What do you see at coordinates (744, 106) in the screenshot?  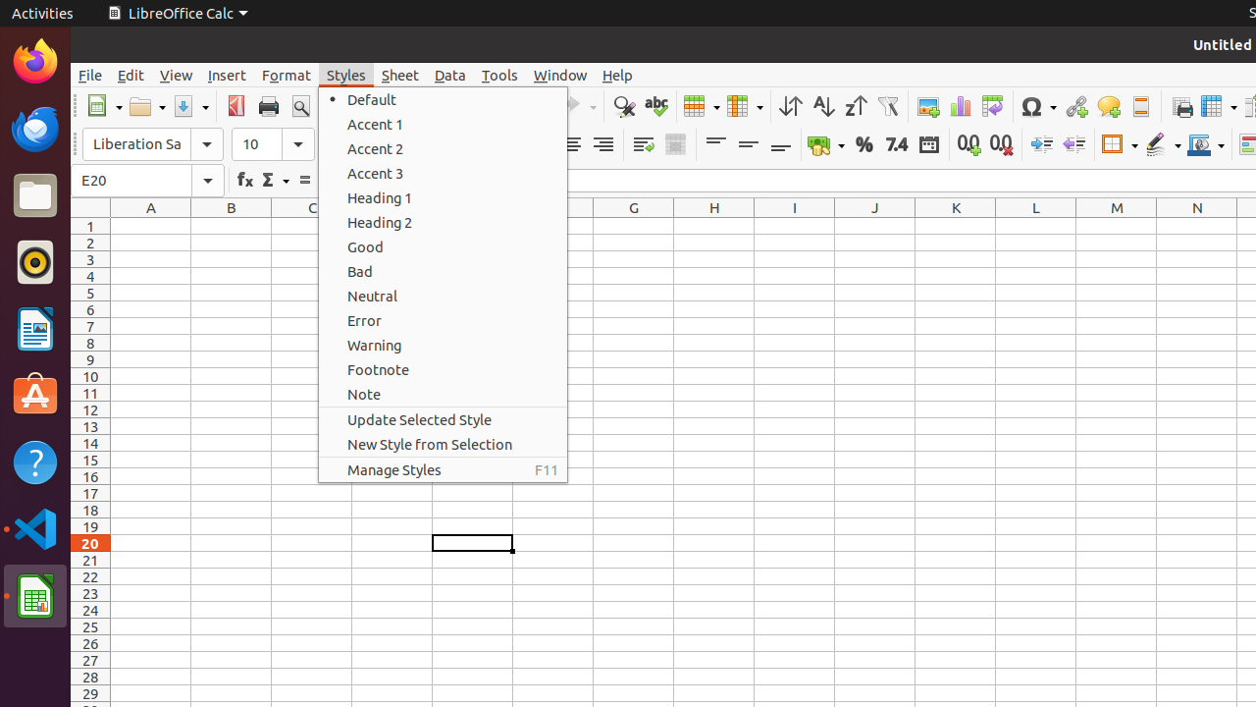 I see `'Column'` at bounding box center [744, 106].